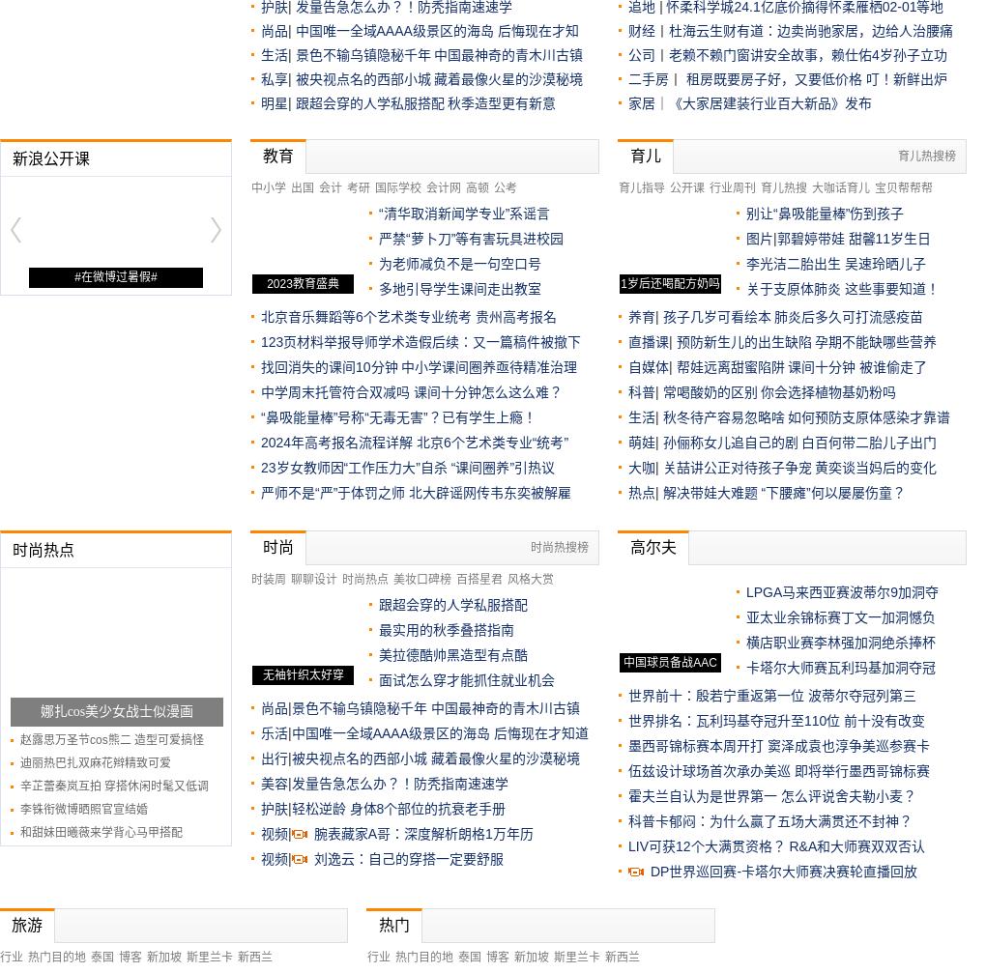 Image resolution: width=986 pixels, height=973 pixels. I want to click on '赵露思万圣节cos熊二 造型可爱搞怪', so click(110, 739).